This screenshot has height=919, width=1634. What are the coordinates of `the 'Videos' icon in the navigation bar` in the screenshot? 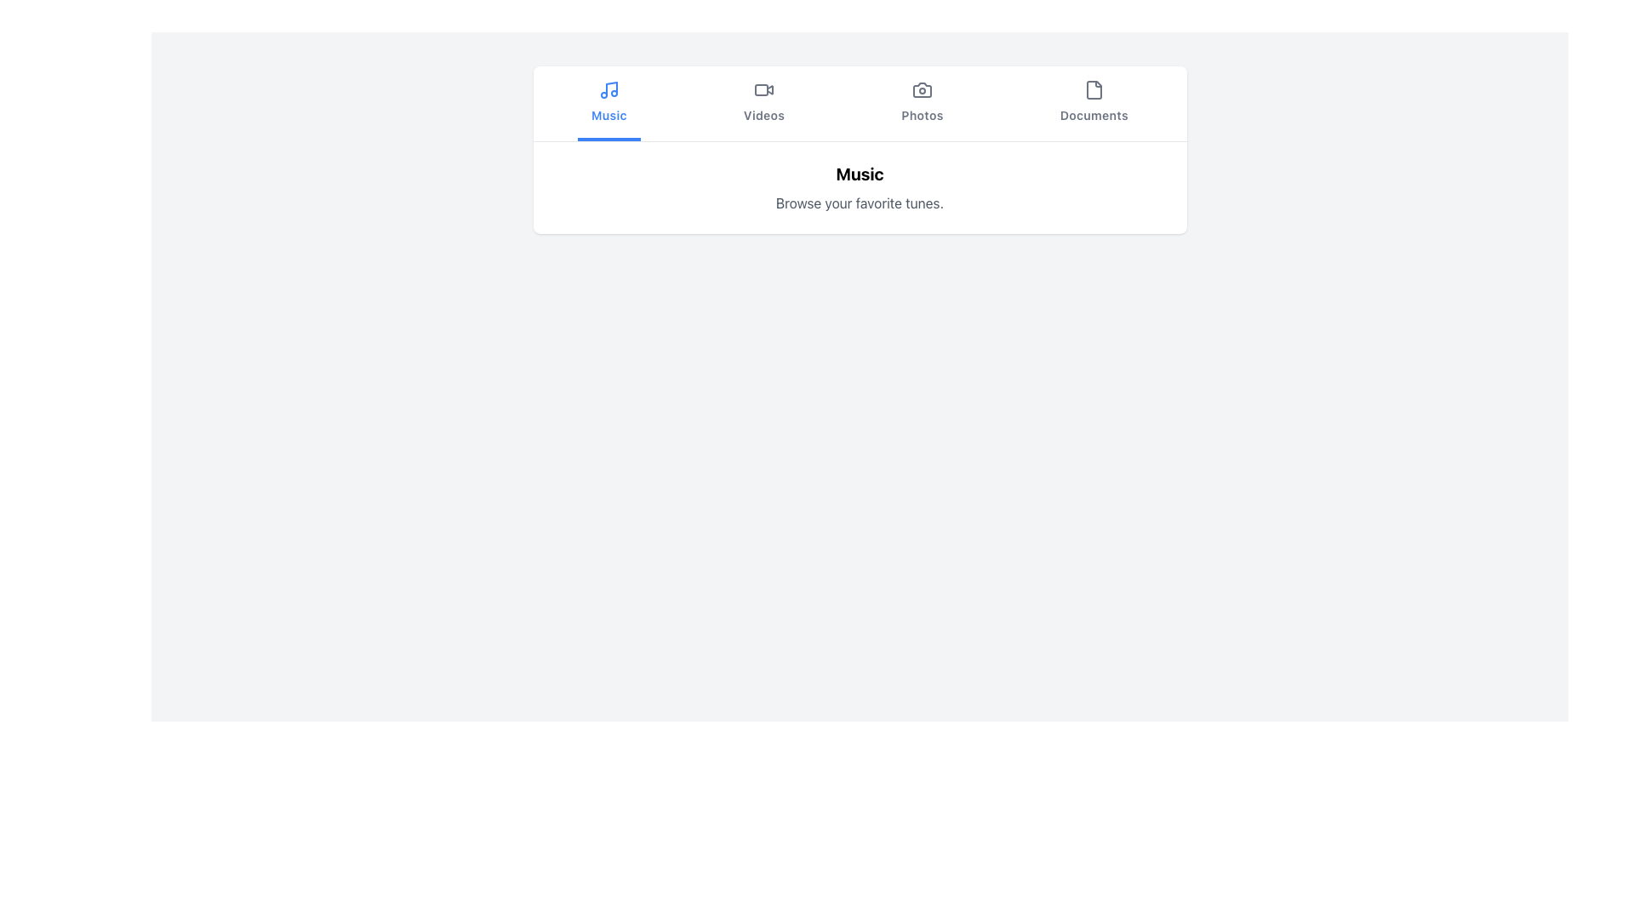 It's located at (763, 89).